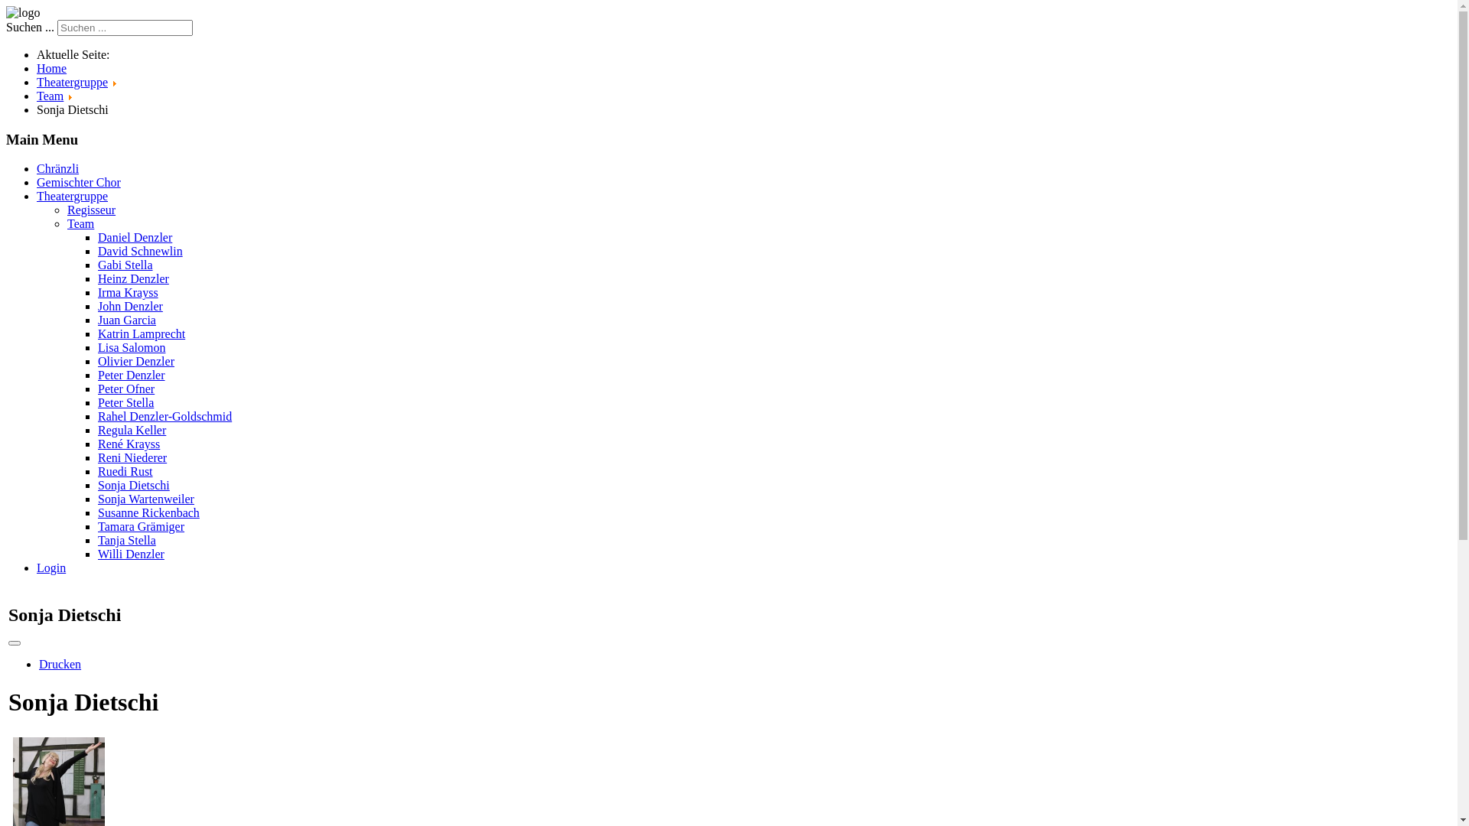 The width and height of the screenshot is (1469, 826). I want to click on 'Regisseur', so click(66, 210).